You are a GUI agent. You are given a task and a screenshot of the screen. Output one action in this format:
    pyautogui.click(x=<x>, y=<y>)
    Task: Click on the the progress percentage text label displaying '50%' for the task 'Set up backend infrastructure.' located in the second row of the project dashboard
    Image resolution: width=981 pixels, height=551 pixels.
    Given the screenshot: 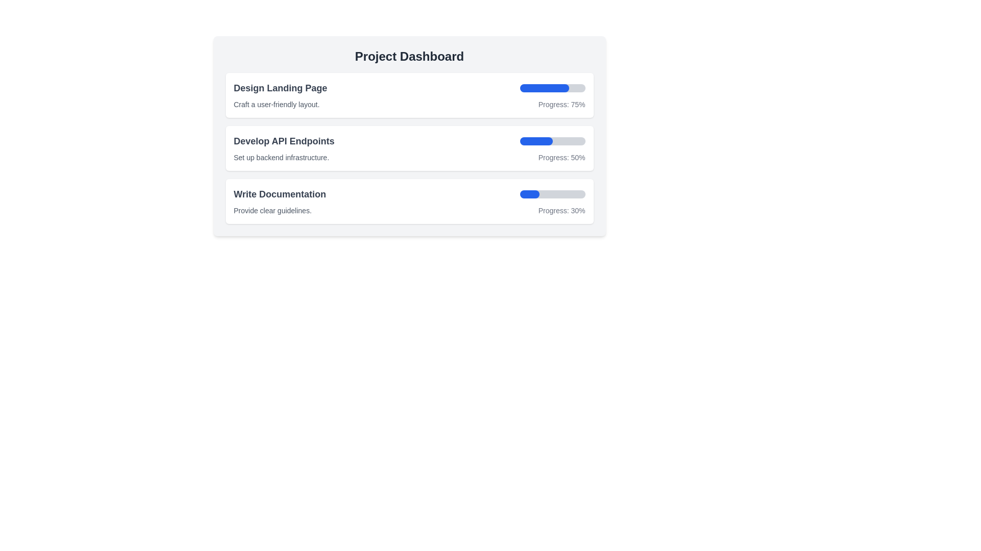 What is the action you would take?
    pyautogui.click(x=561, y=157)
    